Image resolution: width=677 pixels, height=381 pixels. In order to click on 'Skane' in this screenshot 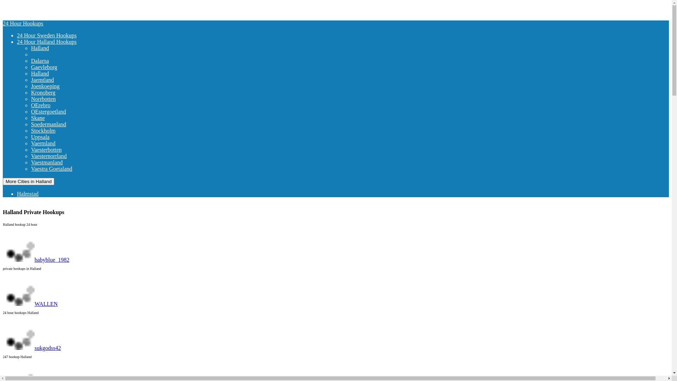, I will do `click(50, 117)`.